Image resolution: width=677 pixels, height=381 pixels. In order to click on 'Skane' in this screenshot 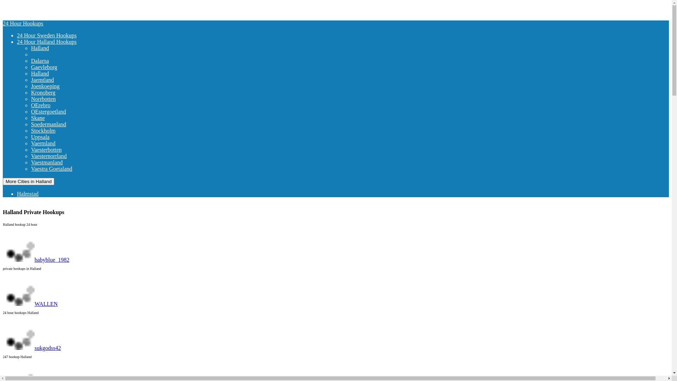, I will do `click(50, 117)`.